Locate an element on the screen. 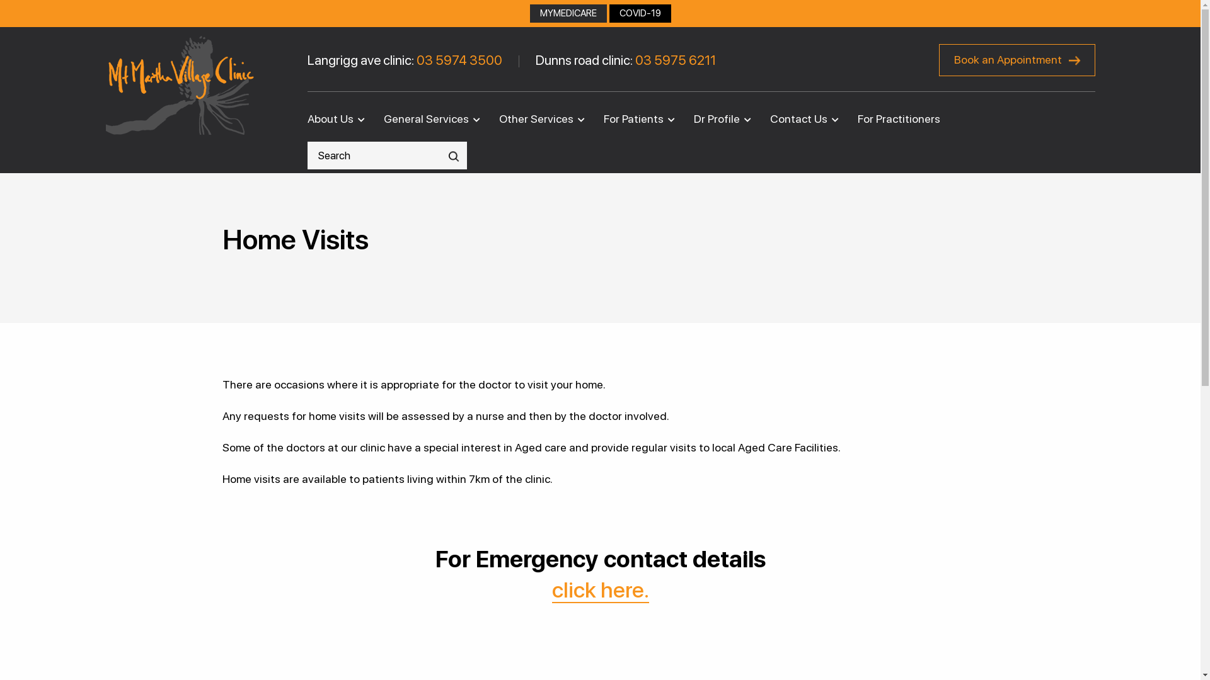 The height and width of the screenshot is (680, 1210). 'For Patients' is located at coordinates (633, 118).